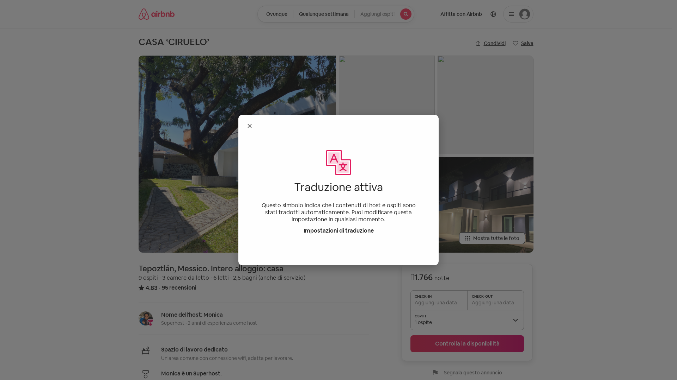 The image size is (677, 380). I want to click on 'Affitta con Airbnb', so click(461, 14).